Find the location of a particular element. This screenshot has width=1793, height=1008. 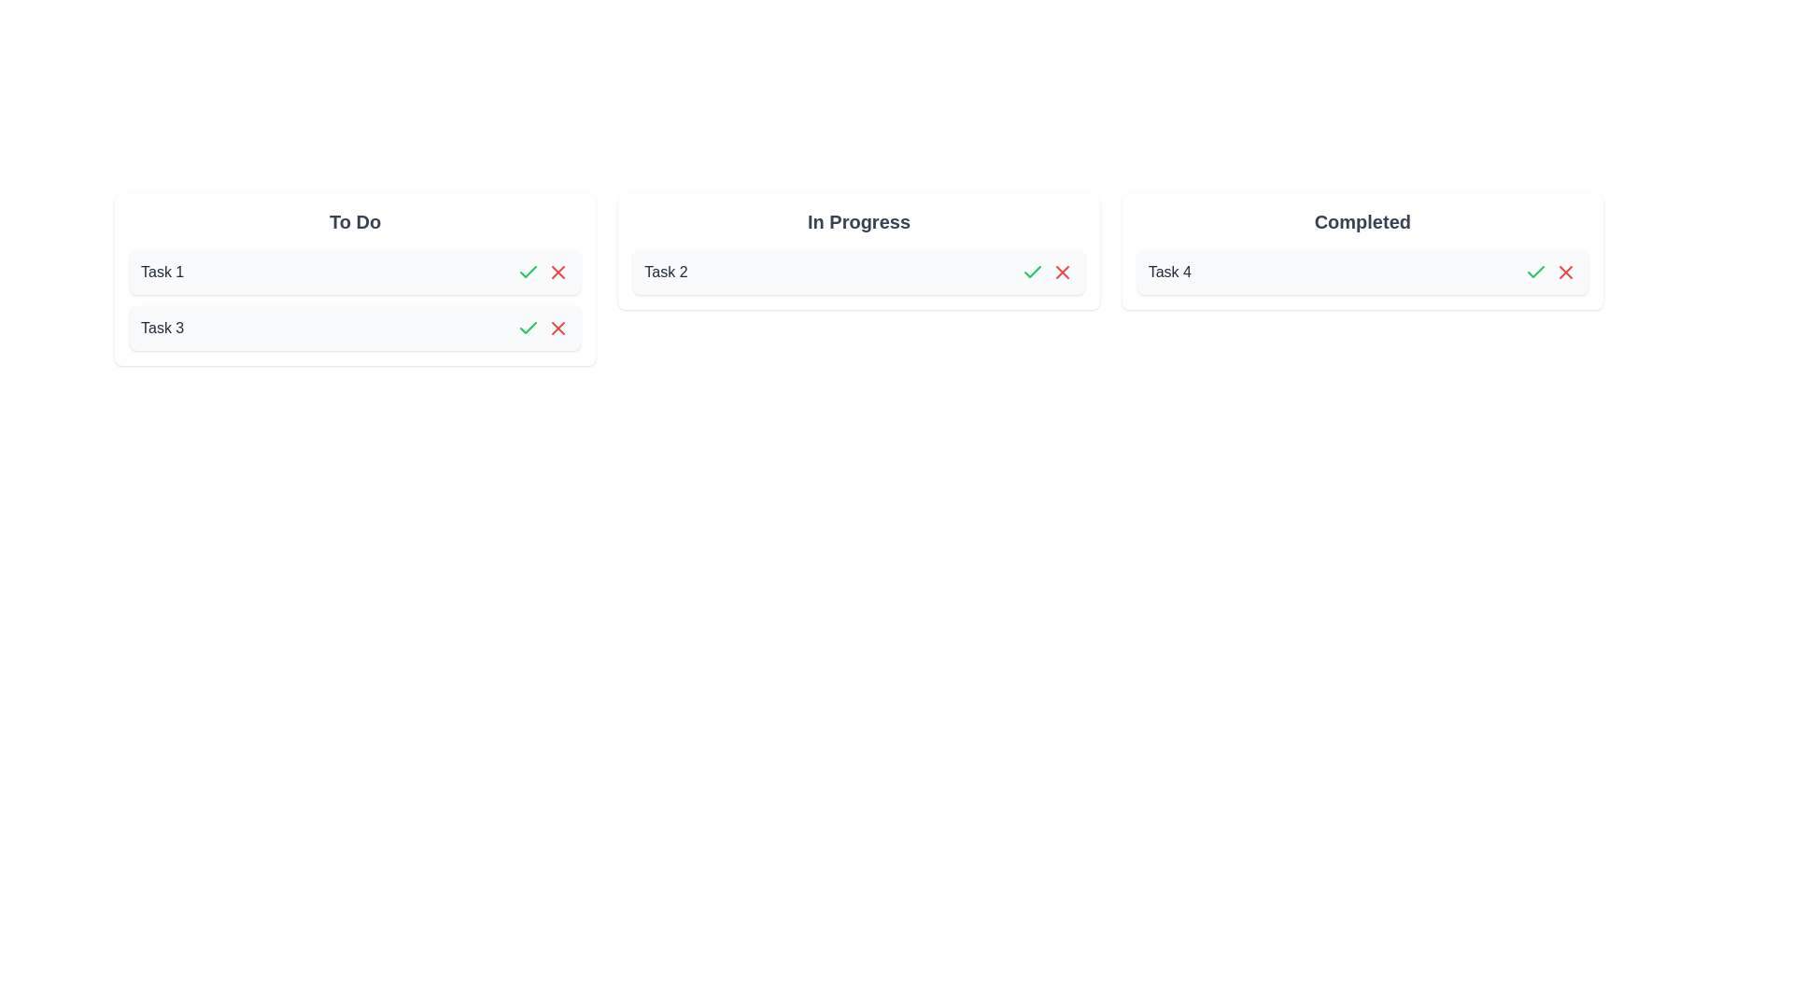

the green checkmark button for the task named 'Task 1' to toggle its completion status is located at coordinates (528, 273).